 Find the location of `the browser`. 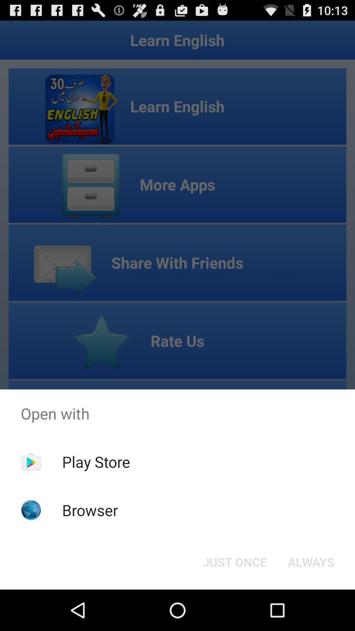

the browser is located at coordinates (90, 510).